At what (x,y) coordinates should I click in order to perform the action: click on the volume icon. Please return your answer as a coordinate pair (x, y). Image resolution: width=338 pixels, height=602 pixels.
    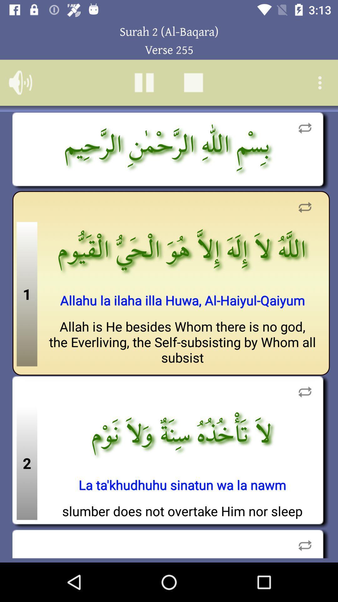
    Looking at the image, I should click on (20, 82).